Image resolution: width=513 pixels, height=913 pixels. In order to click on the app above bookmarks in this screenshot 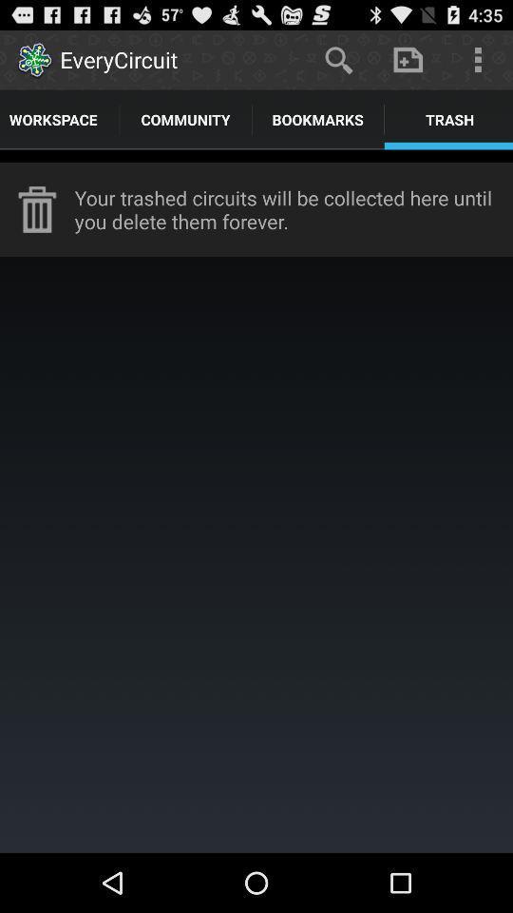, I will do `click(337, 59)`.